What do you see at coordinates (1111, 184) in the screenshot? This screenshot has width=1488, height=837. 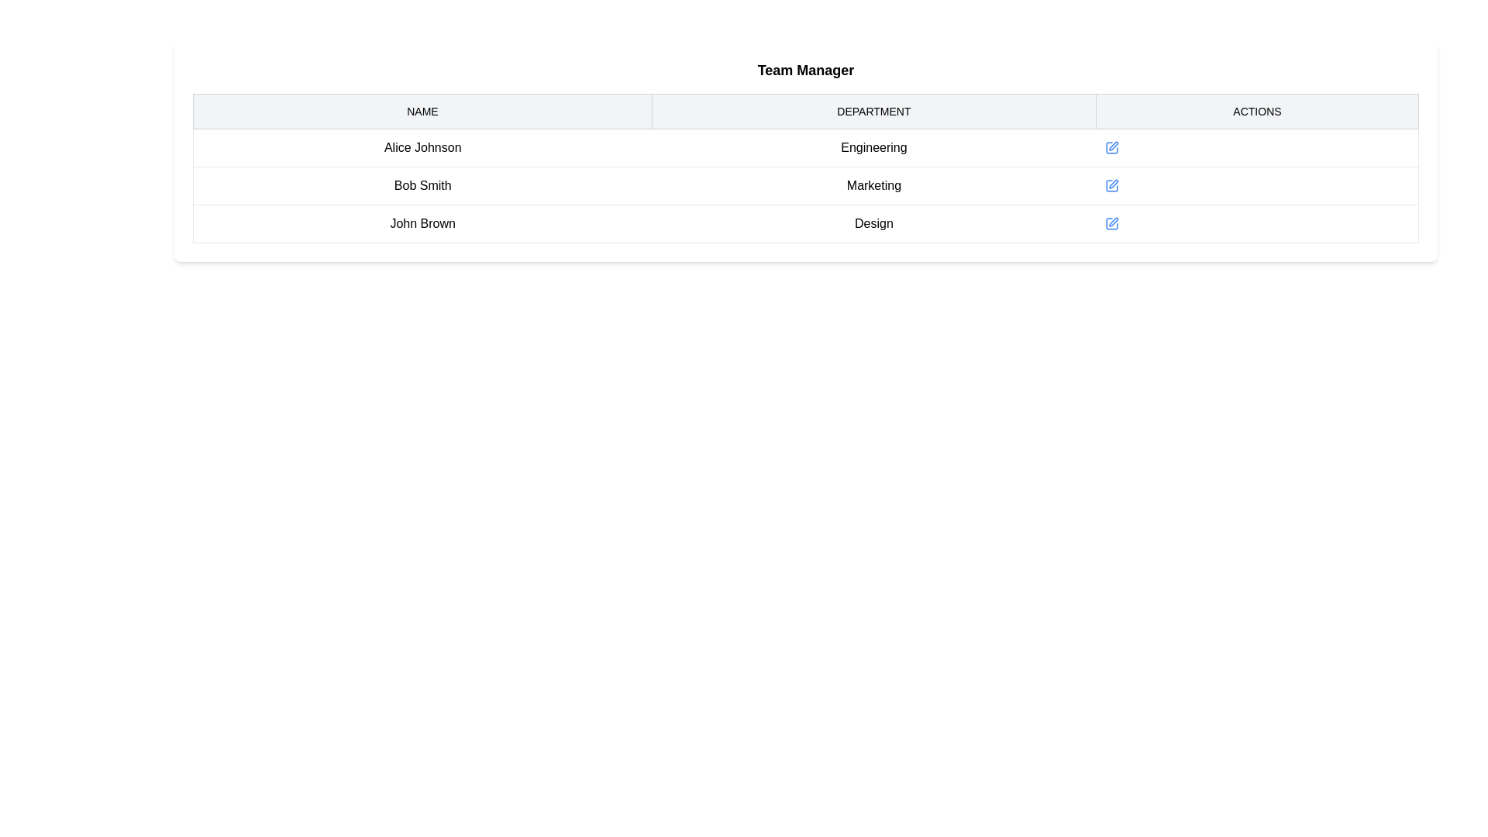 I see `the edit icon button located in the 'Actions' column of the table, aligned with the 'Marketing' row to initiate editing` at bounding box center [1111, 184].